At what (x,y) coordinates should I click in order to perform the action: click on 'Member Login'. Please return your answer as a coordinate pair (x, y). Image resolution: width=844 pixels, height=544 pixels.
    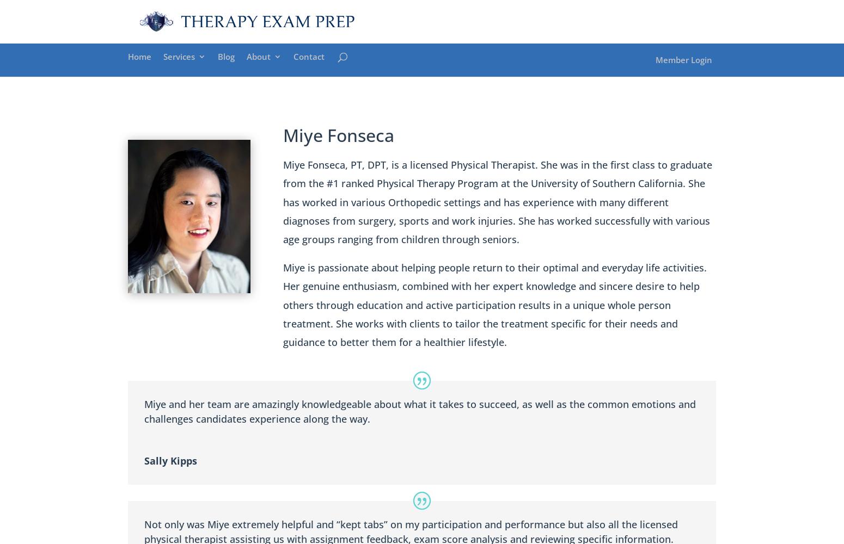
    Looking at the image, I should click on (683, 59).